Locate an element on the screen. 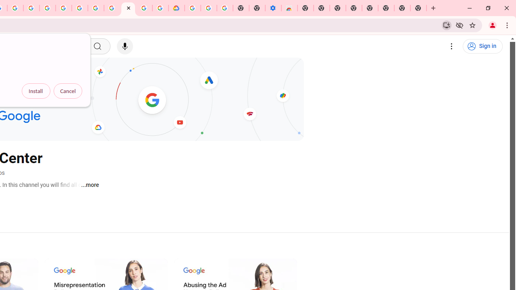 The width and height of the screenshot is (516, 290). 'New Tab' is located at coordinates (418, 8).